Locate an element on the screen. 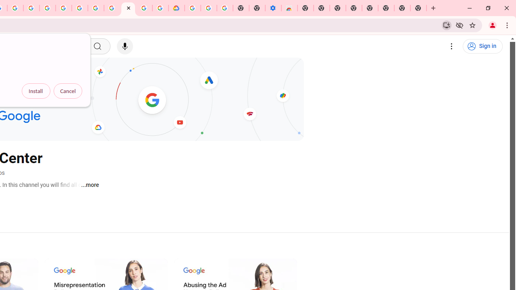 The width and height of the screenshot is (516, 290). 'New Tab' is located at coordinates (418, 8).